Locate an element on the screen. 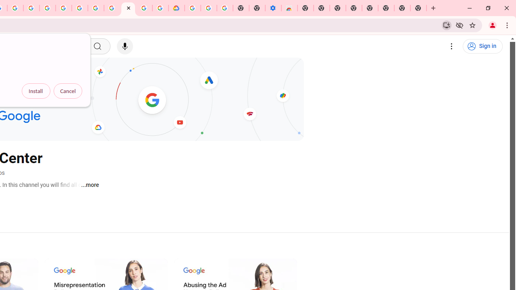 The width and height of the screenshot is (516, 290). 'New Tab' is located at coordinates (418, 8).